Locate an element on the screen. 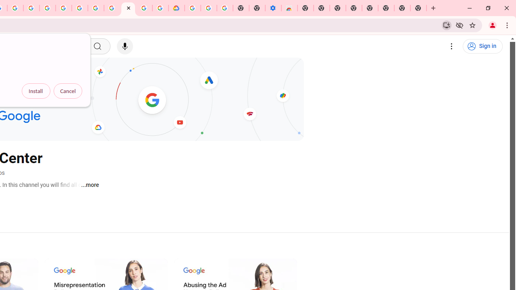 The width and height of the screenshot is (516, 290). 'New Tab' is located at coordinates (418, 8).